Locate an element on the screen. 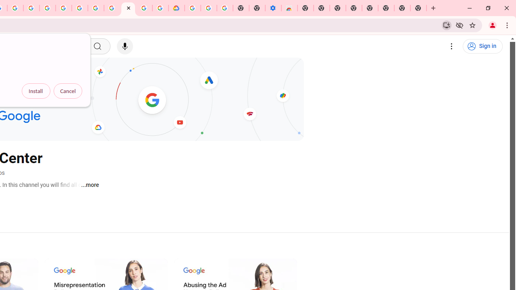 The width and height of the screenshot is (516, 290). 'New Tab' is located at coordinates (418, 8).